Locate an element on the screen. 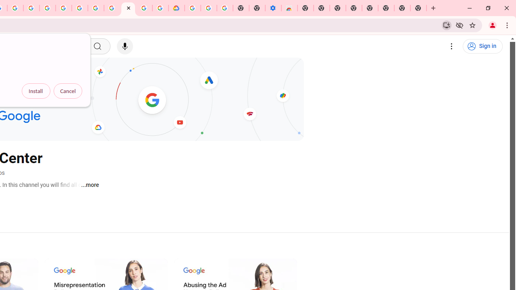 The width and height of the screenshot is (516, 290). 'New Tab' is located at coordinates (418, 8).